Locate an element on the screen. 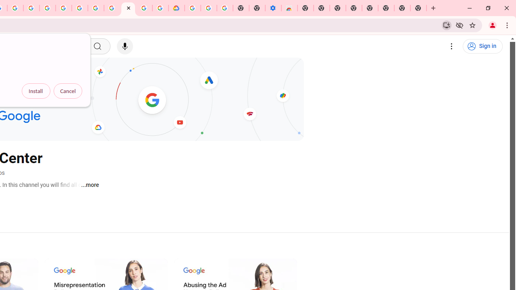 The width and height of the screenshot is (516, 290). 'New Tab' is located at coordinates (418, 8).